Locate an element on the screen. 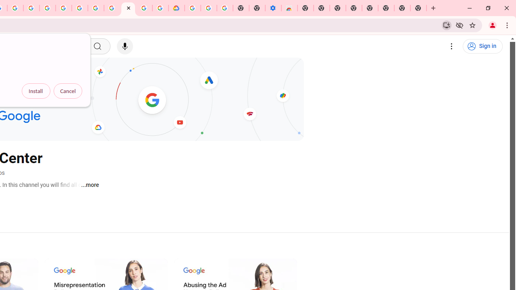 The width and height of the screenshot is (516, 290). 'New Tab' is located at coordinates (418, 8).